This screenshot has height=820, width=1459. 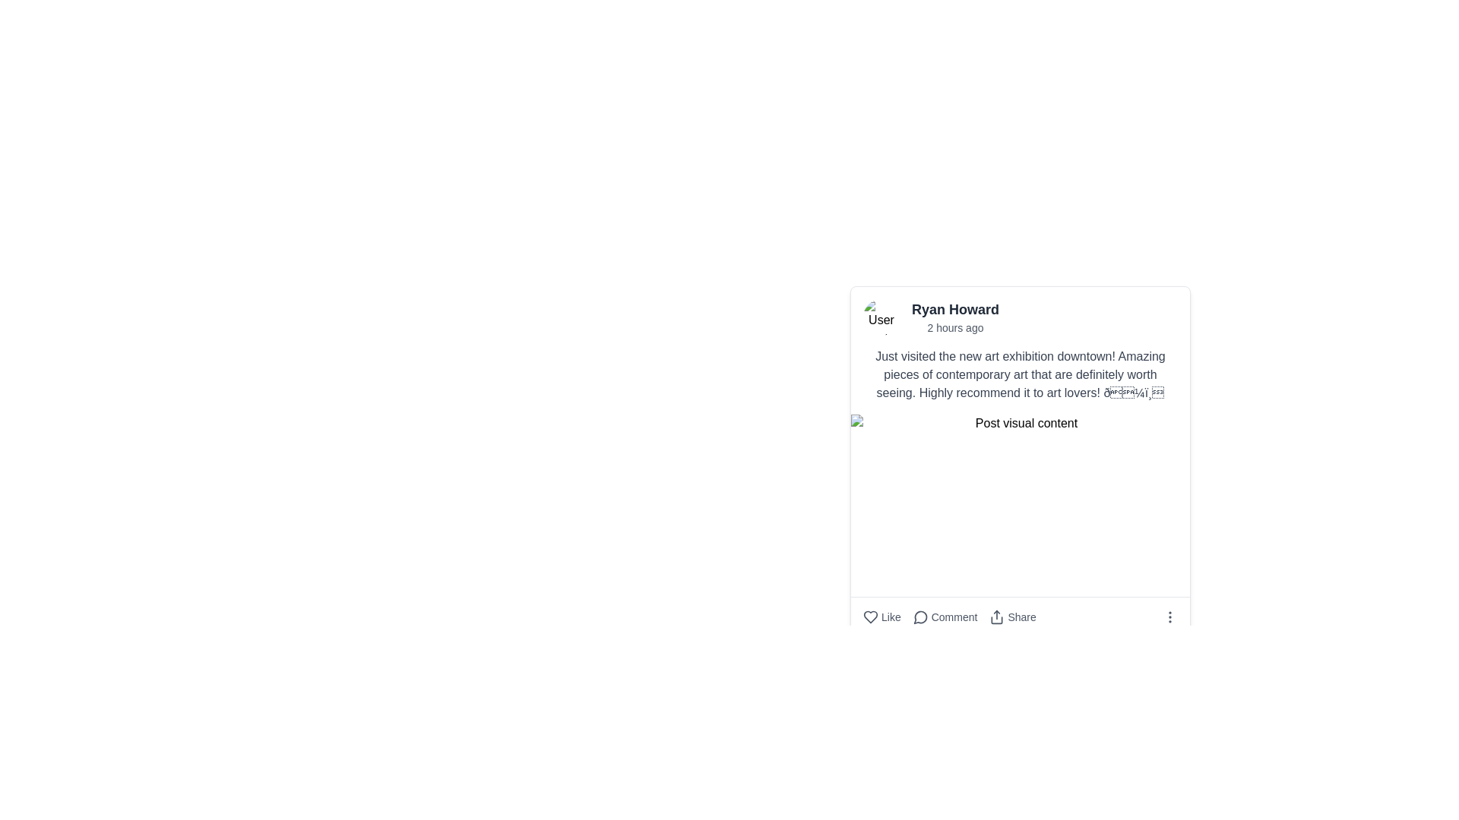 I want to click on the 'Like' icon located to the left of the 'Like' text label, so click(x=871, y=617).